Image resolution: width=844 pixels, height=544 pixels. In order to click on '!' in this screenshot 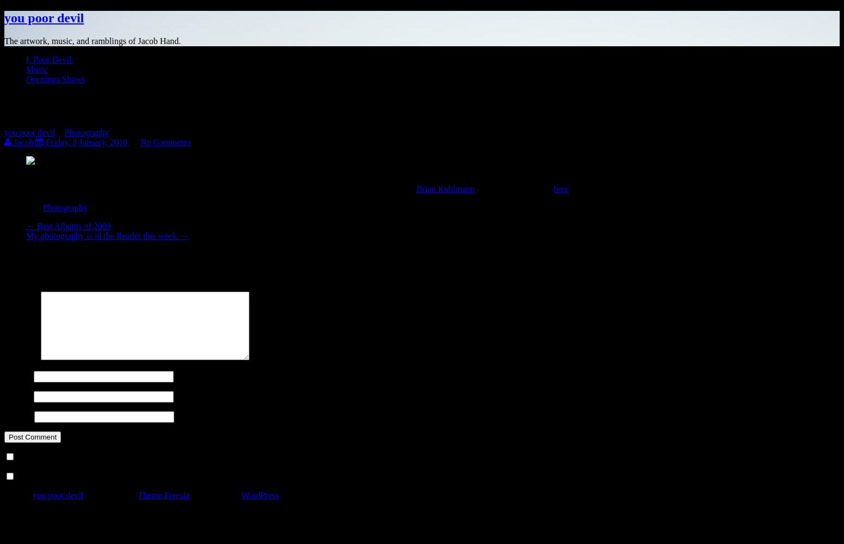, I will do `click(568, 188)`.